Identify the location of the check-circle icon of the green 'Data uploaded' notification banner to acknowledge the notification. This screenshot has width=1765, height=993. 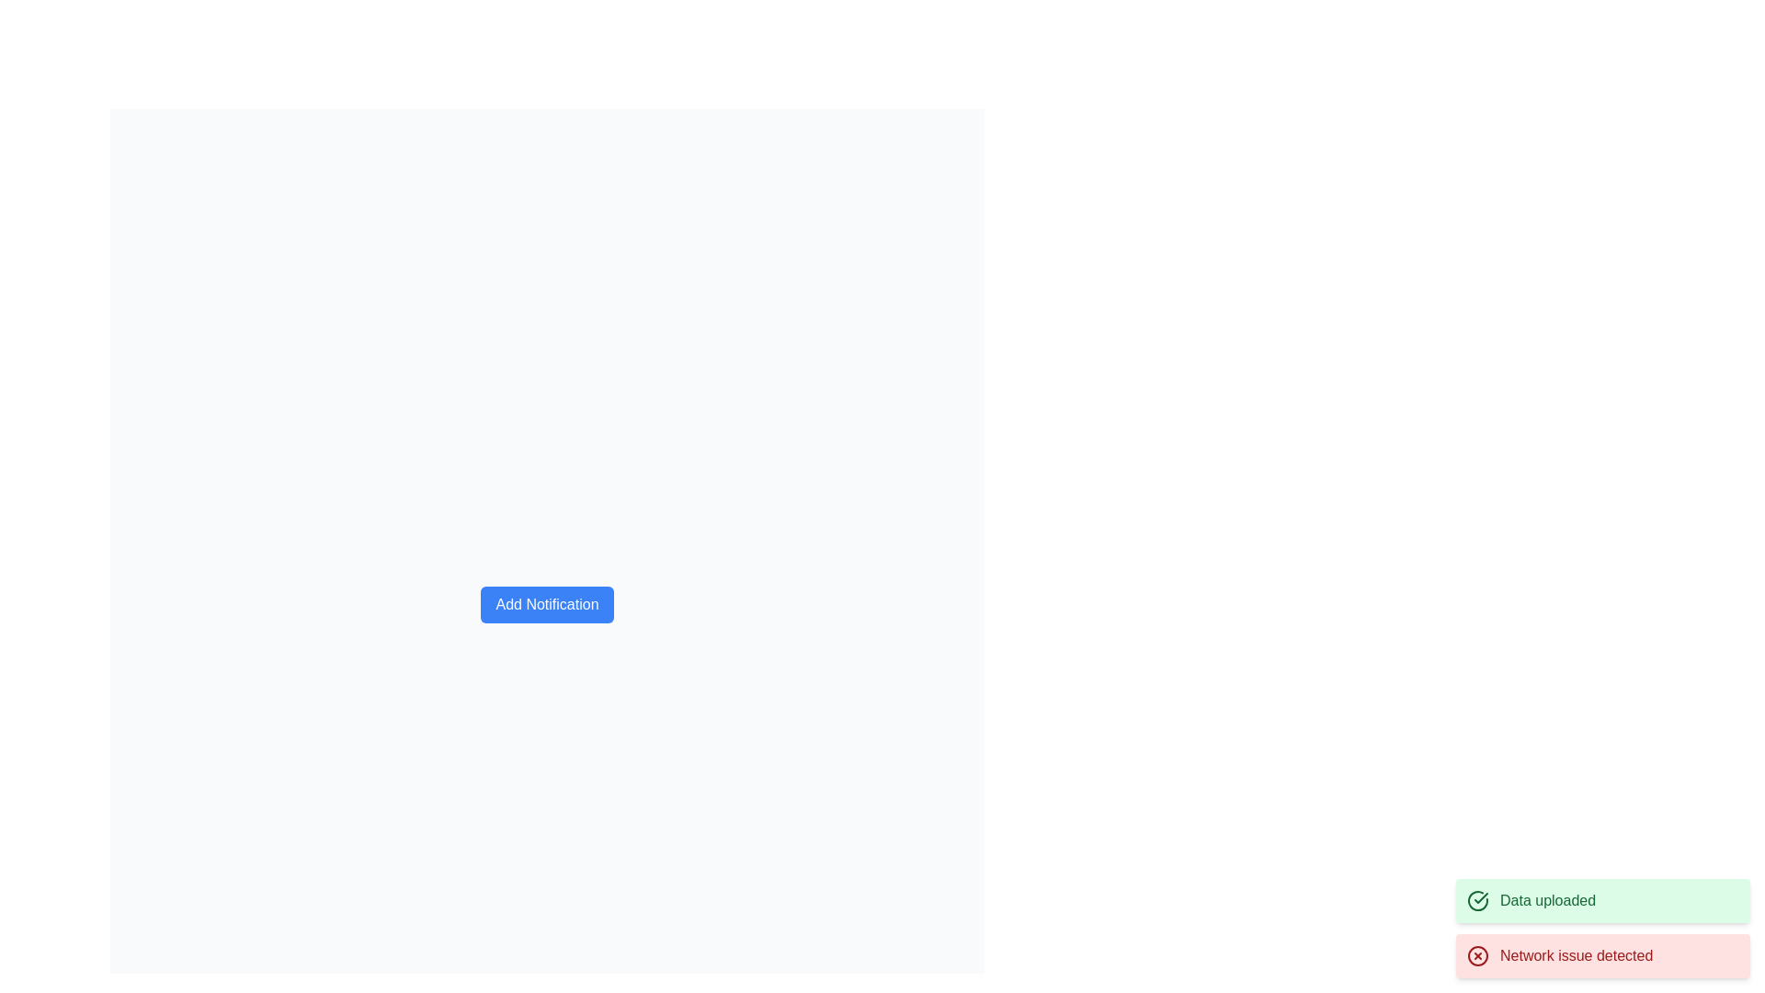
(1601, 929).